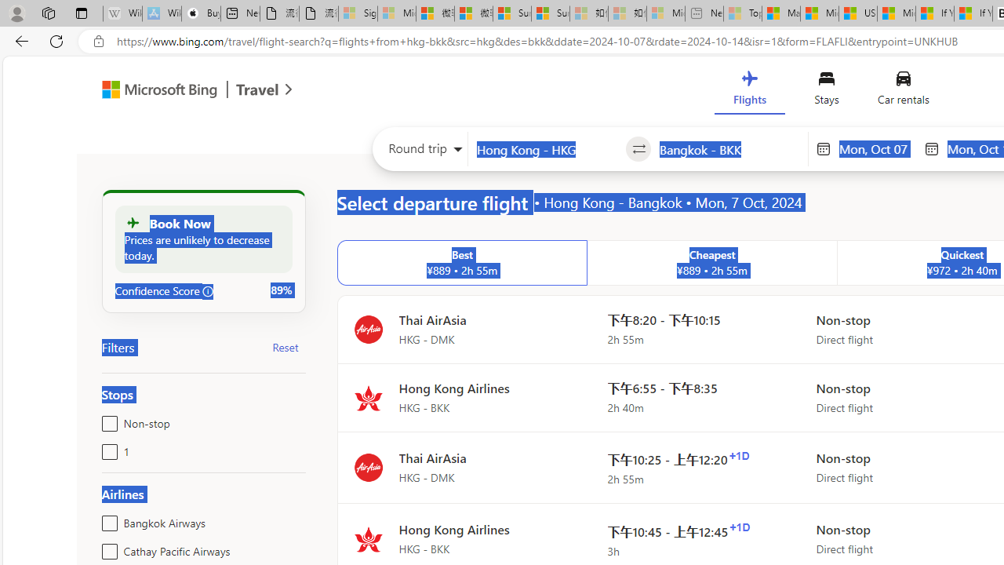 This screenshot has height=565, width=1004. Describe the element at coordinates (780, 13) in the screenshot. I see `'Marine life - MSN'` at that location.